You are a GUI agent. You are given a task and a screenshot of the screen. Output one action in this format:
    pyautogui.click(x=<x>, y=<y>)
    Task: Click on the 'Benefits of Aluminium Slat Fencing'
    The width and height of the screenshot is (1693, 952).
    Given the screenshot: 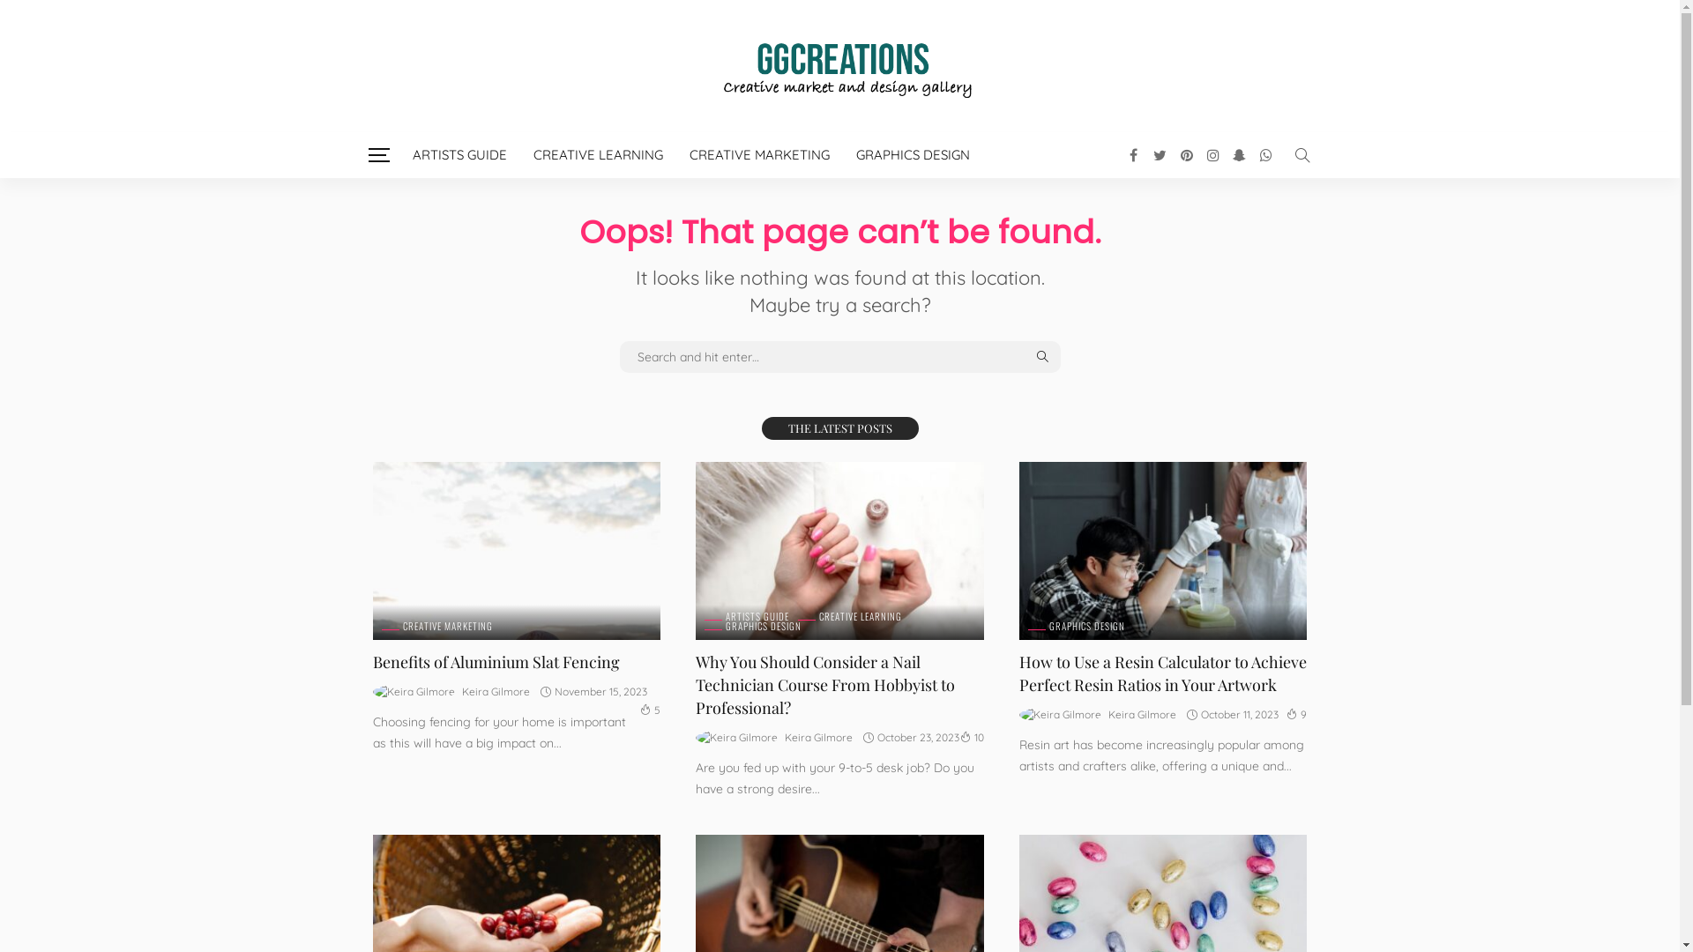 What is the action you would take?
    pyautogui.click(x=494, y=662)
    